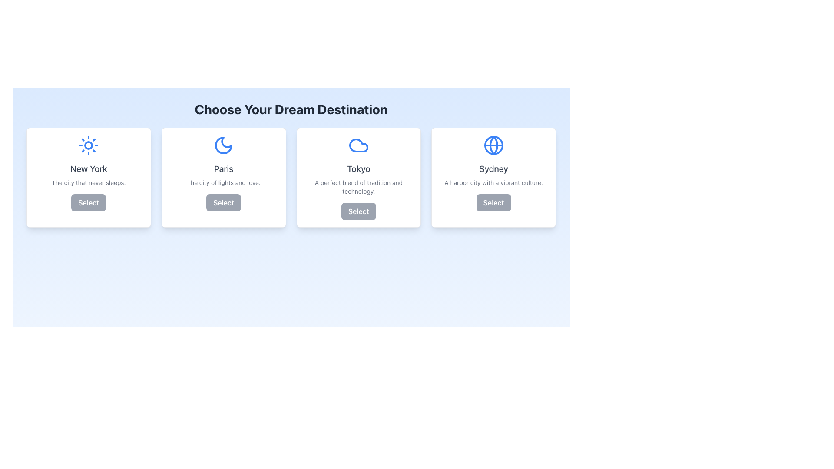 This screenshot has width=834, height=469. I want to click on the button located centrally within the 'New York' card, positioned below the text 'The city that never sleeps.' to make a selection, so click(89, 202).